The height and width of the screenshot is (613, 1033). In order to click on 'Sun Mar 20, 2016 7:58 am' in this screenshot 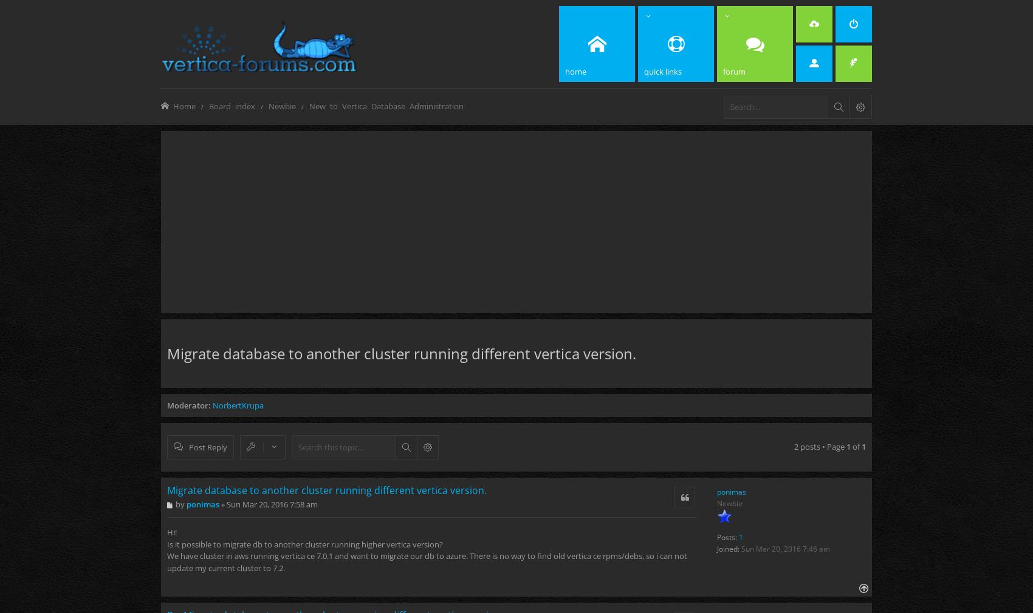, I will do `click(272, 504)`.